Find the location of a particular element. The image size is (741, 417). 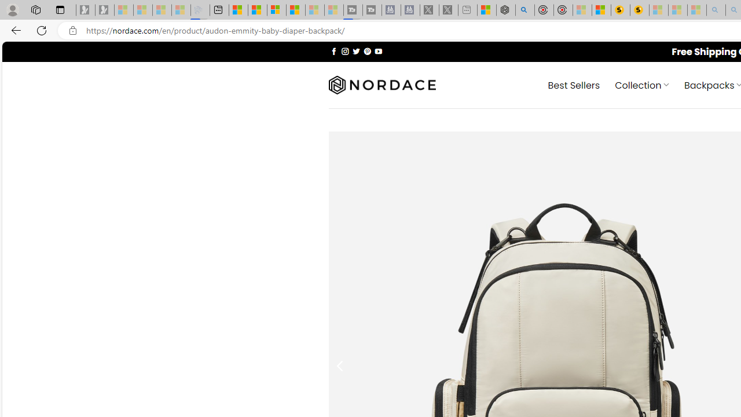

'Follow on Pinterest' is located at coordinates (366, 50).